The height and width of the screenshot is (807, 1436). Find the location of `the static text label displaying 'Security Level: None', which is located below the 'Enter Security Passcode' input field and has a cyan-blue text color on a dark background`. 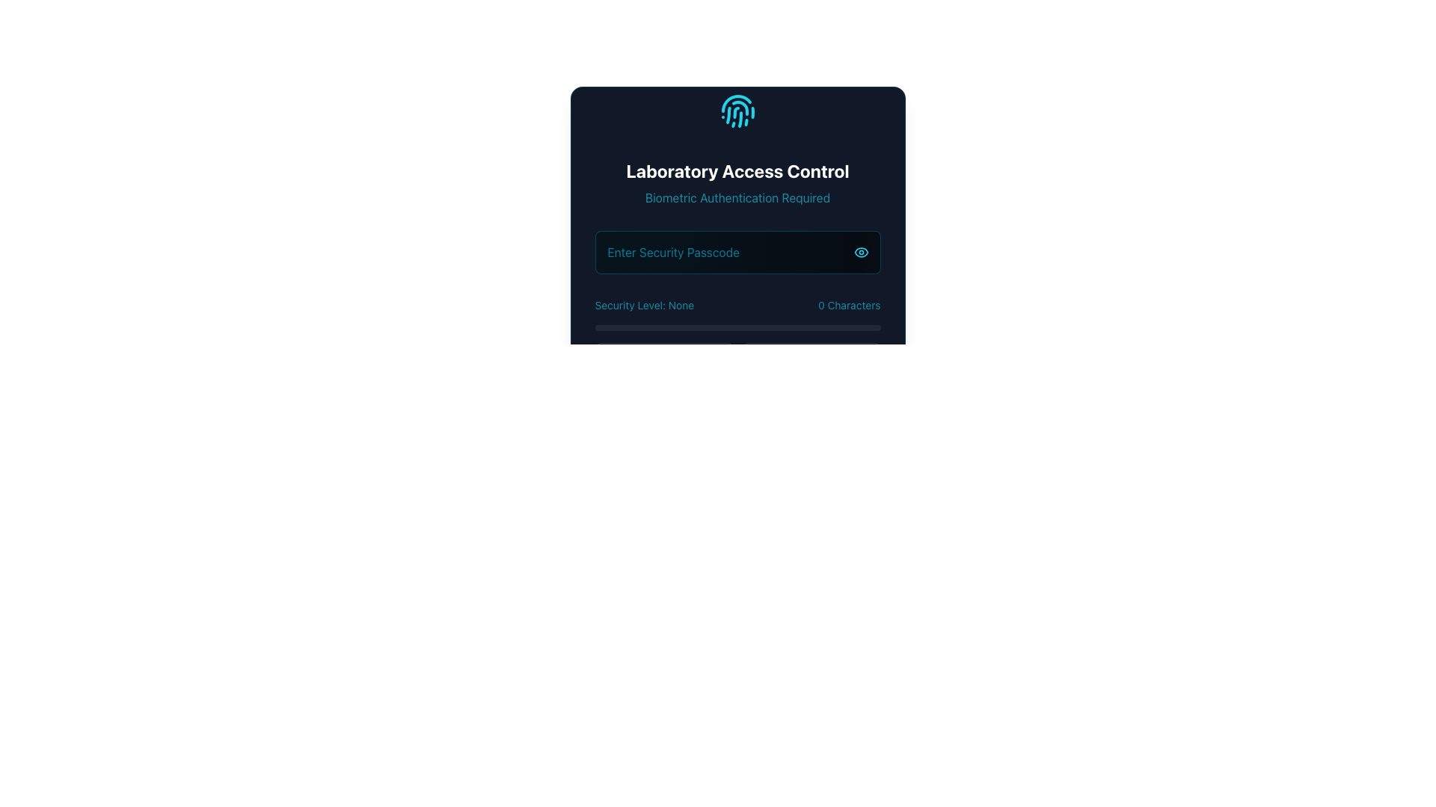

the static text label displaying 'Security Level: None', which is located below the 'Enter Security Passcode' input field and has a cyan-blue text color on a dark background is located at coordinates (644, 304).